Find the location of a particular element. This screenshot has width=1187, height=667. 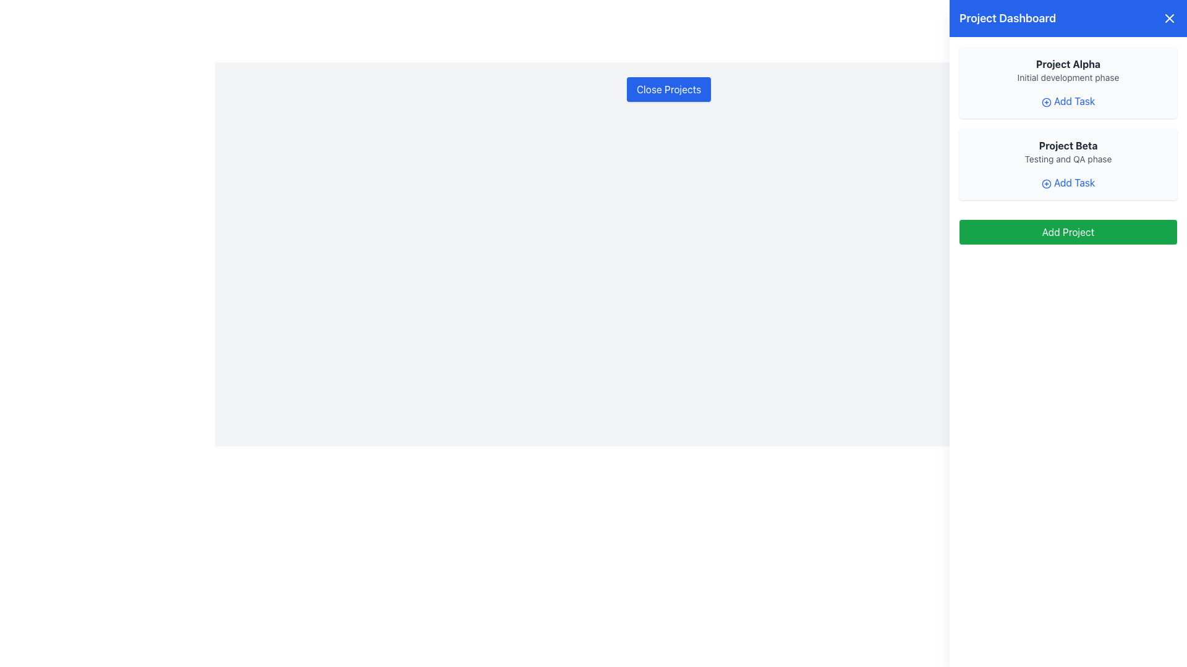

the 'Add Task' button located in the 'Project Alpha' section of the sidebar is located at coordinates (1068, 101).